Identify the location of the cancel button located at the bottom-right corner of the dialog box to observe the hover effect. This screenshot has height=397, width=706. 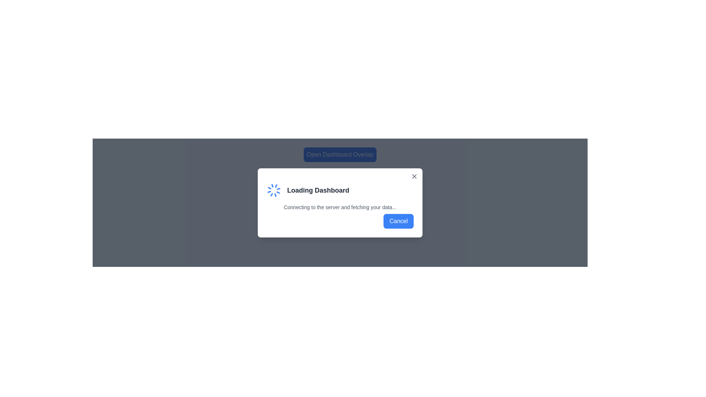
(398, 221).